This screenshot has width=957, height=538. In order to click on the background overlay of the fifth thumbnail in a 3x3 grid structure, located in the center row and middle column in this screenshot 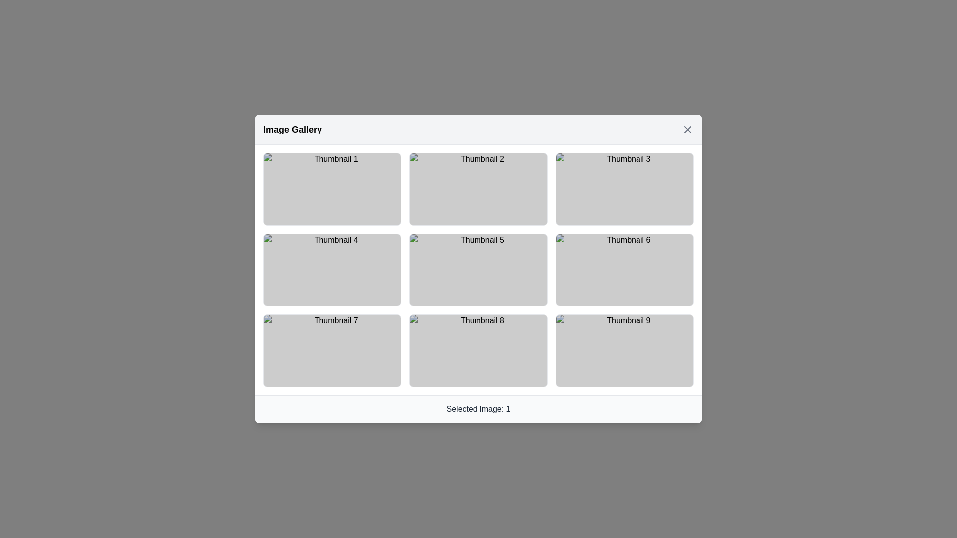, I will do `click(478, 270)`.